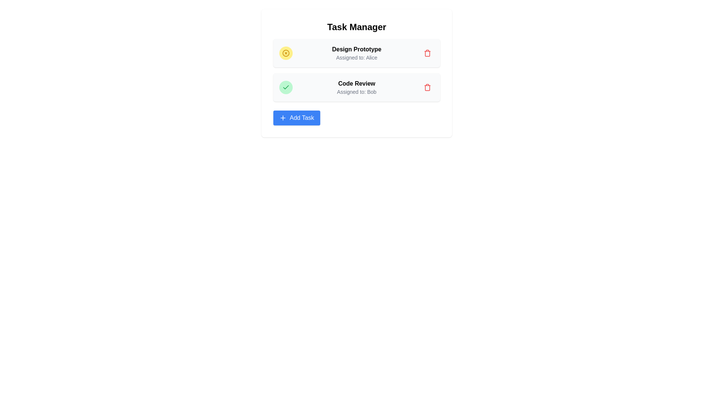 The image size is (715, 402). What do you see at coordinates (286, 87) in the screenshot?
I see `the green check mark symbol of the Indicator Icon located next to the text 'Code Review Assigned to: Bob' in the task manager interface` at bounding box center [286, 87].